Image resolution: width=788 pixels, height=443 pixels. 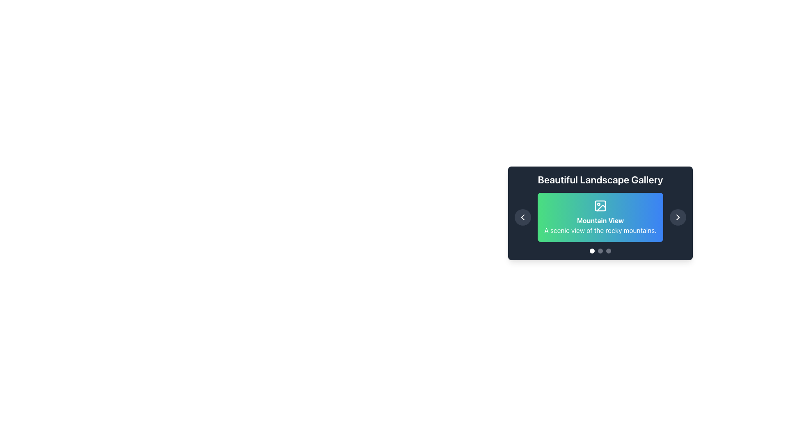 What do you see at coordinates (600, 179) in the screenshot?
I see `the 'Beautiful Landscape Gallery' text header, which is prominently styled in bold and large font, centrally aligned on a dark background` at bounding box center [600, 179].